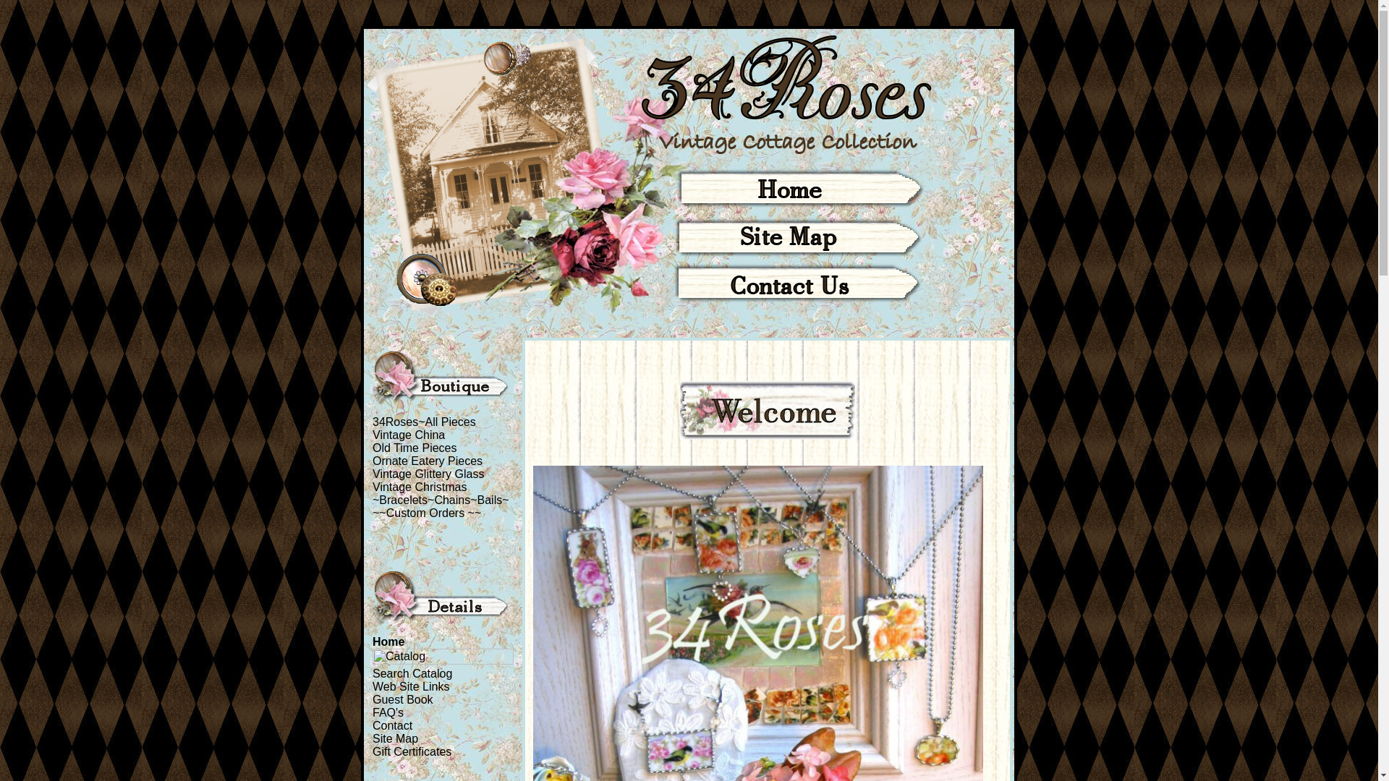  What do you see at coordinates (372, 673) in the screenshot?
I see `'Search Catalog'` at bounding box center [372, 673].